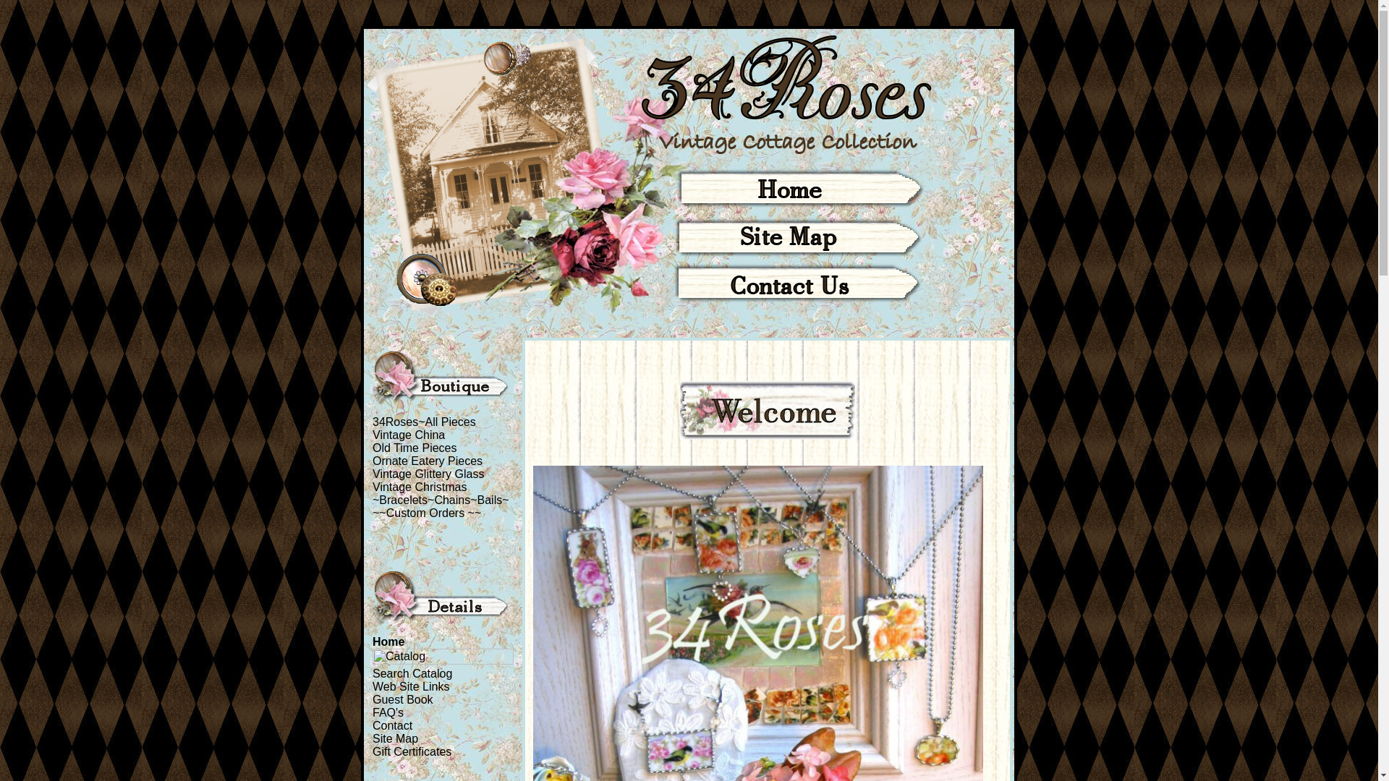  What do you see at coordinates (372, 673) in the screenshot?
I see `'Search Catalog'` at bounding box center [372, 673].